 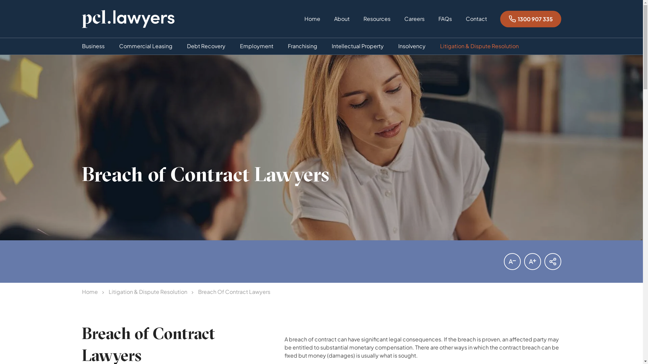 I want to click on 'PCL Lawyers', so click(x=128, y=19).